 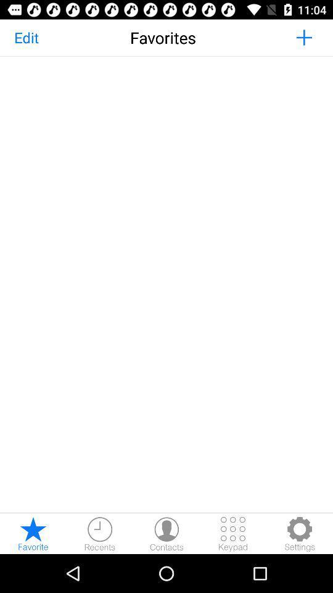 I want to click on keypad option, so click(x=233, y=533).